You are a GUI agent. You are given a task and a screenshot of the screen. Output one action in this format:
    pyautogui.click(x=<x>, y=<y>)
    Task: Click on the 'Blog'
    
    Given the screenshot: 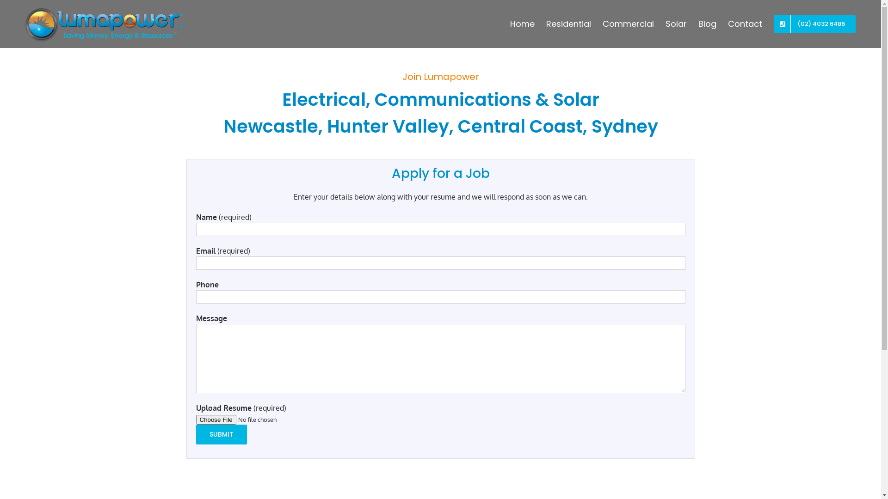 What is the action you would take?
    pyautogui.click(x=707, y=23)
    